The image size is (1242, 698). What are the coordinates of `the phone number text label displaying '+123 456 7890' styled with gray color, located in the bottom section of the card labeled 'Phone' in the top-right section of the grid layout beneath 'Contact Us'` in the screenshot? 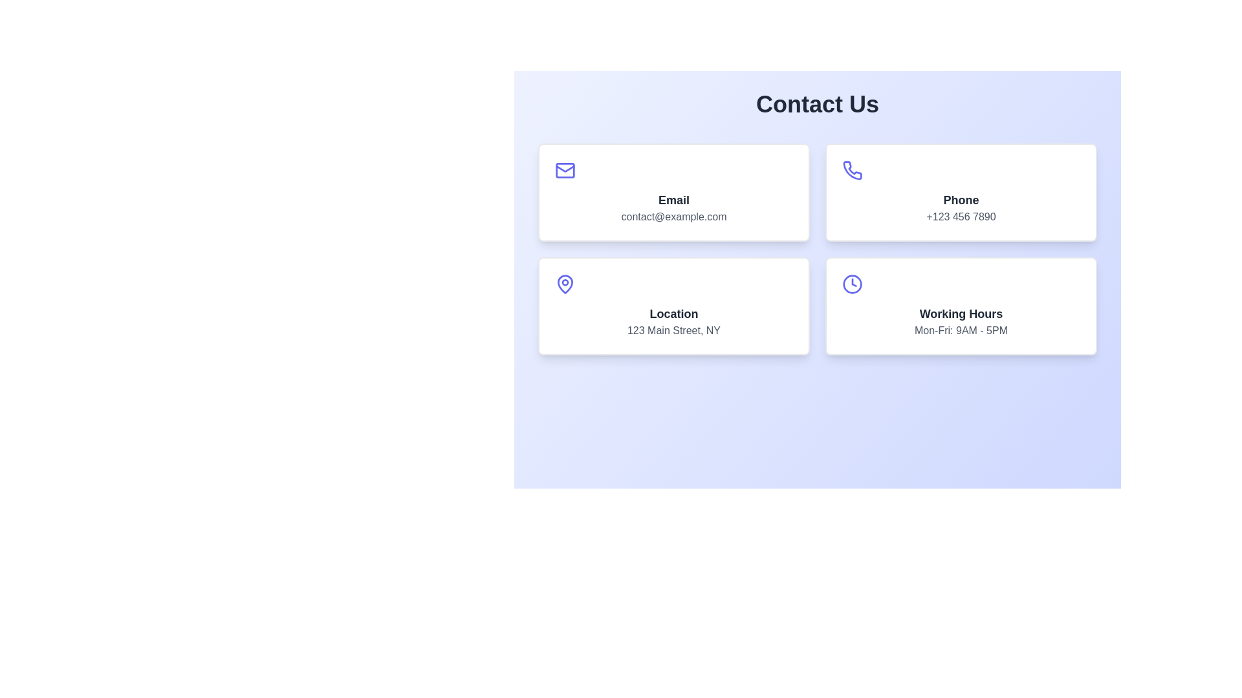 It's located at (961, 216).